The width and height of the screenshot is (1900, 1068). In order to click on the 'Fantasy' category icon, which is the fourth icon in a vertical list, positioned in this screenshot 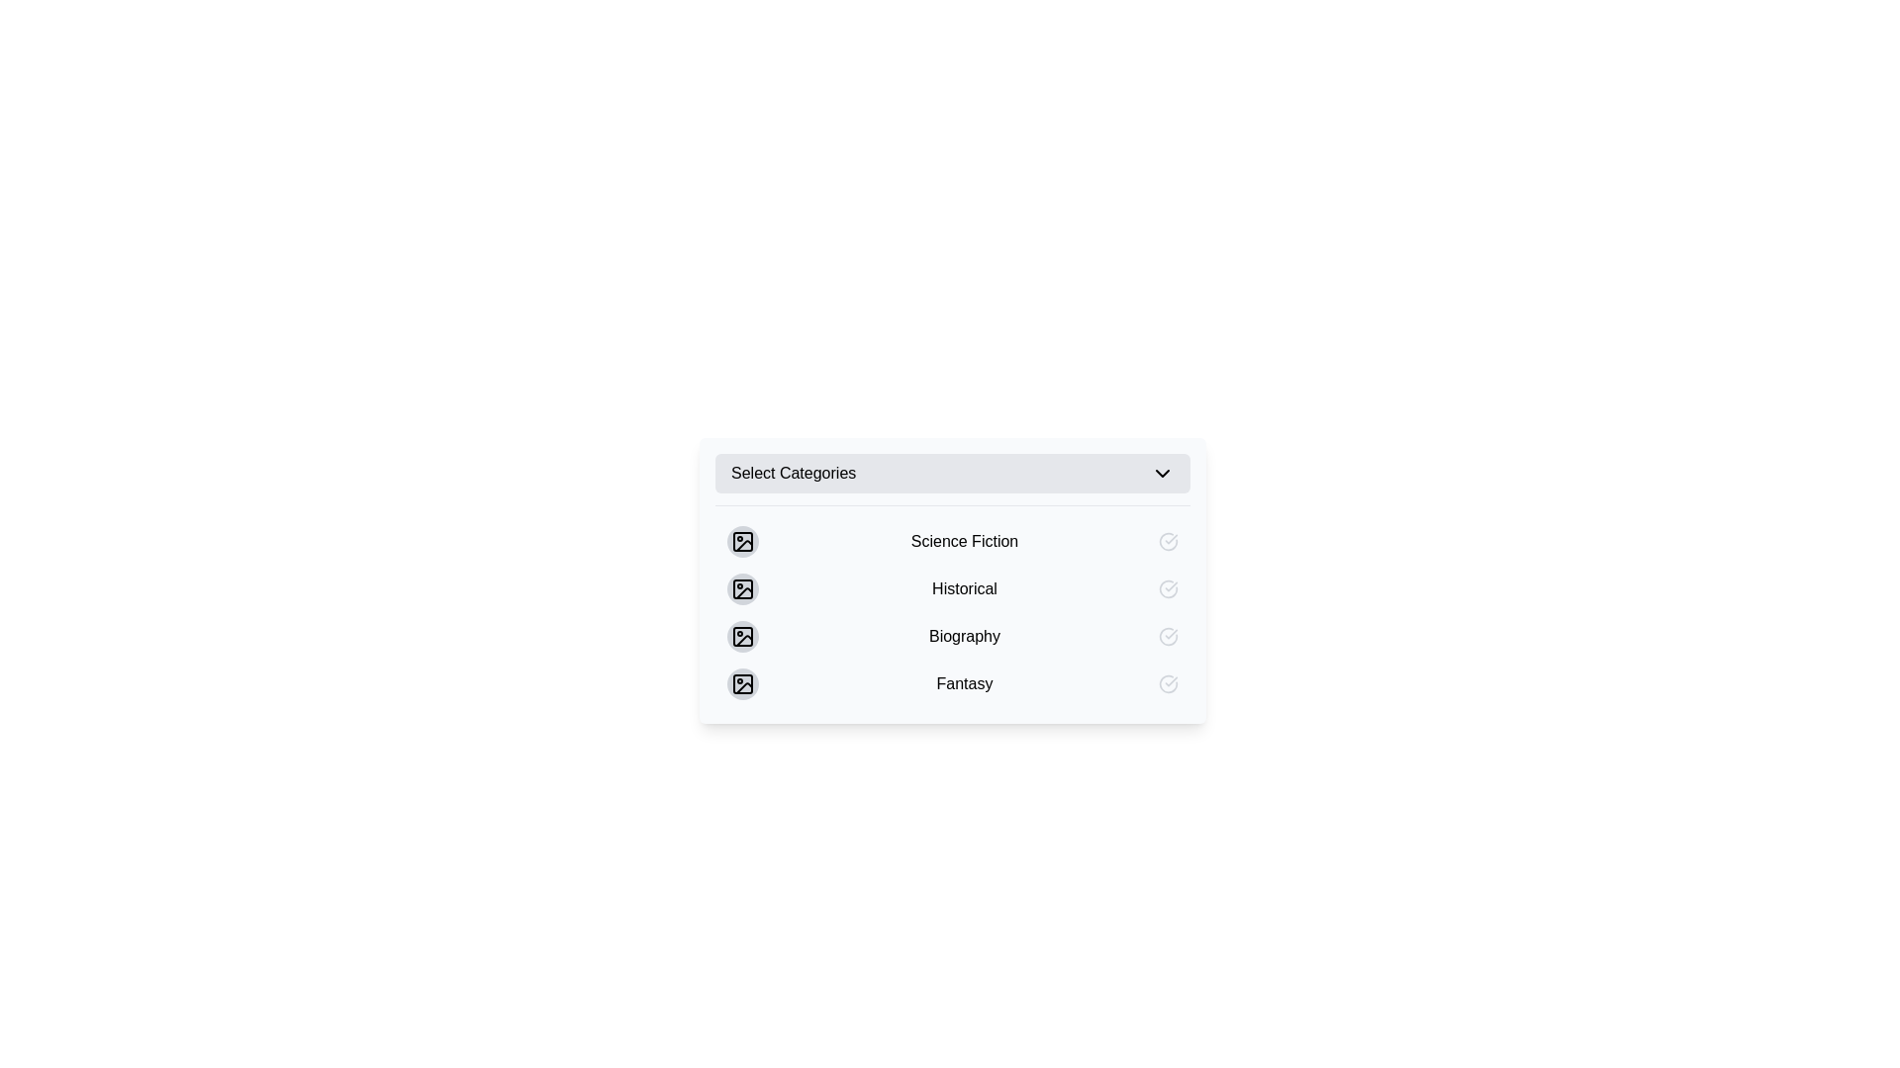, I will do `click(741, 682)`.